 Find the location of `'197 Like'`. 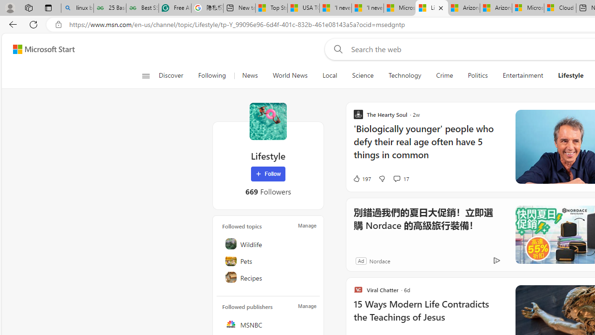

'197 Like' is located at coordinates (361, 179).